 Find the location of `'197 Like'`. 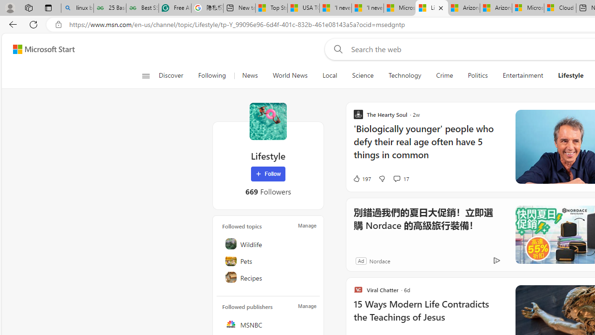

'197 Like' is located at coordinates (361, 179).